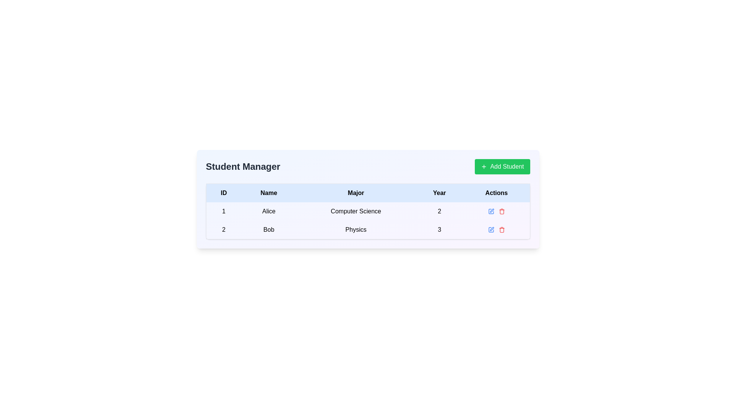  I want to click on the static table cell containing the text '2', which is located in the fourth column (Year) of the first row of the data table, so click(439, 211).